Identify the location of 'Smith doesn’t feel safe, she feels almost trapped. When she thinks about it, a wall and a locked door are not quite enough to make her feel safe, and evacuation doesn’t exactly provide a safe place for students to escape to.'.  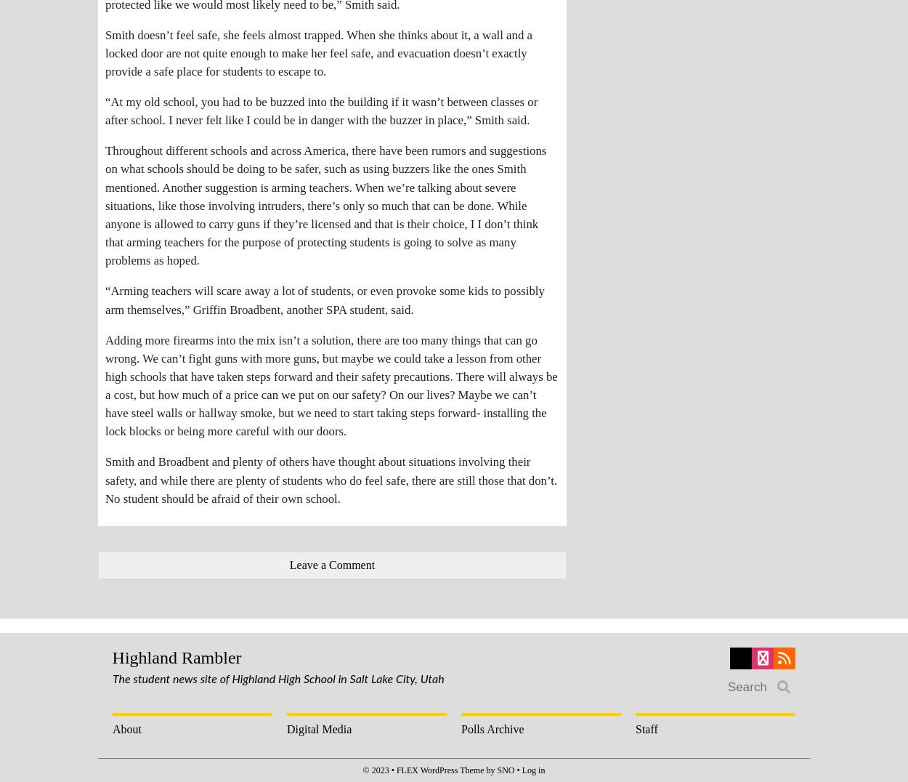
(105, 52).